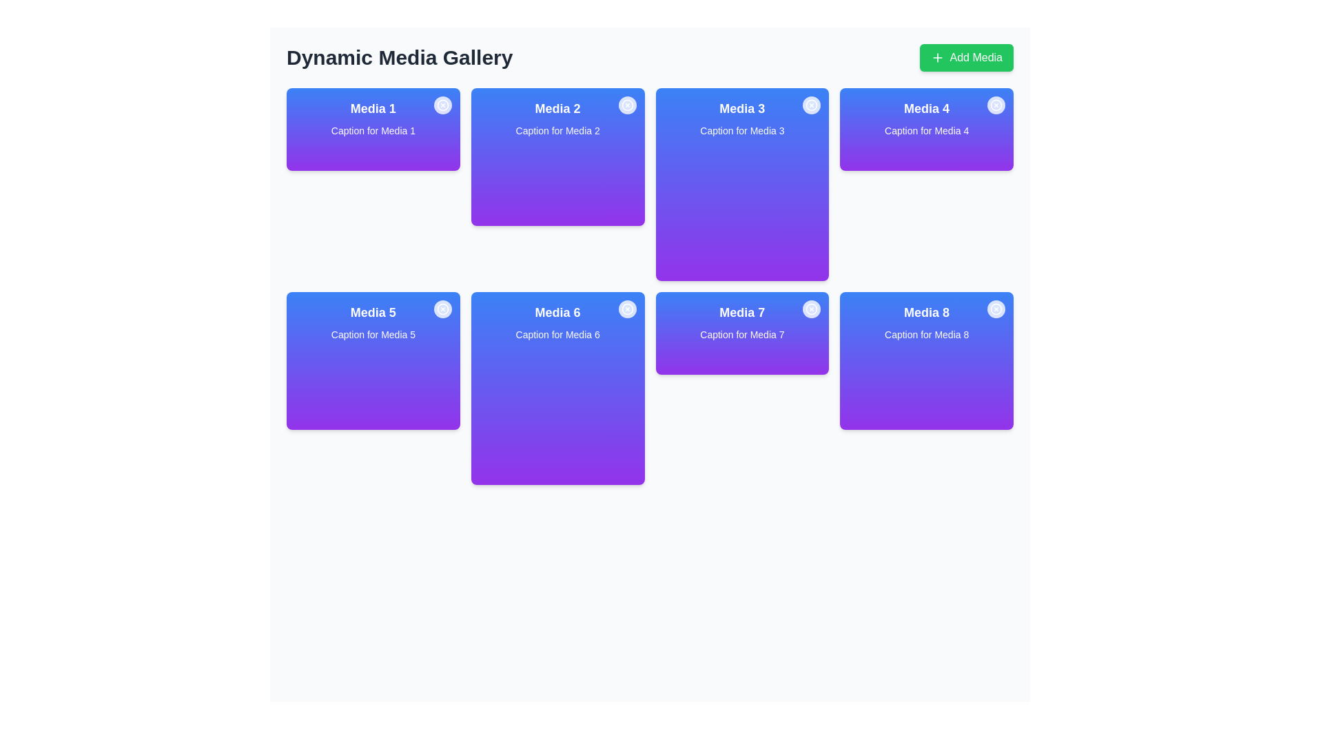 The width and height of the screenshot is (1323, 744). I want to click on the delete button located in the top-right corner of the 'Media 8' card in the gallery, so click(996, 308).